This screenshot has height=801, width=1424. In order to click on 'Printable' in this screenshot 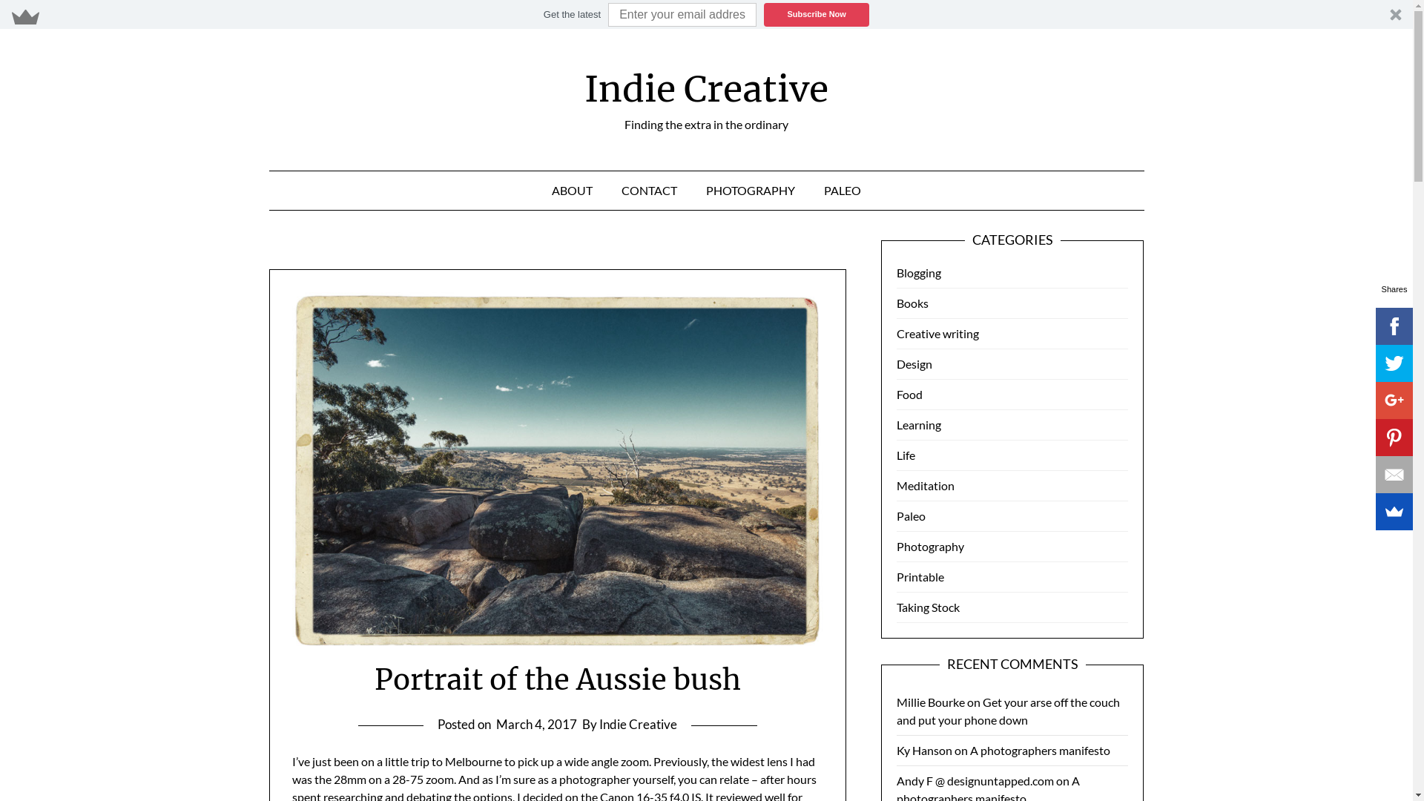, I will do `click(920, 576)`.